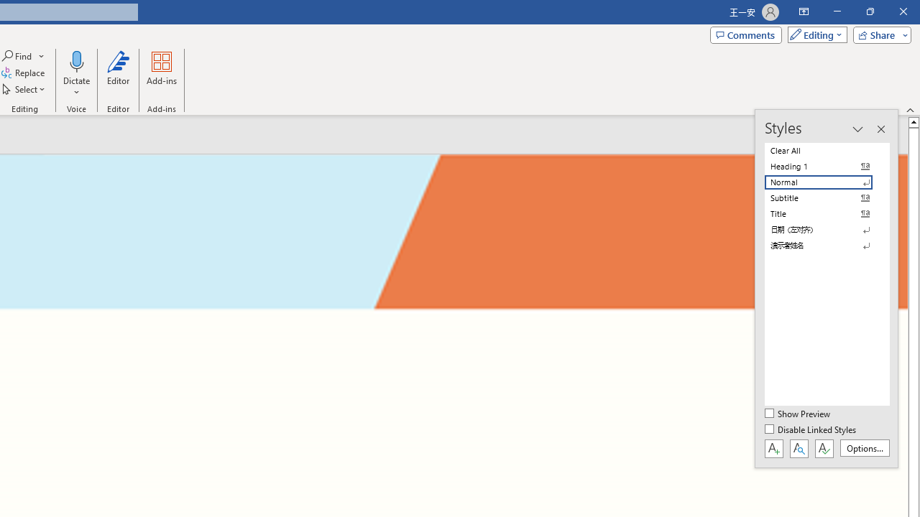 The width and height of the screenshot is (920, 517). Describe the element at coordinates (824, 447) in the screenshot. I see `'Class: NetUIButton'` at that location.